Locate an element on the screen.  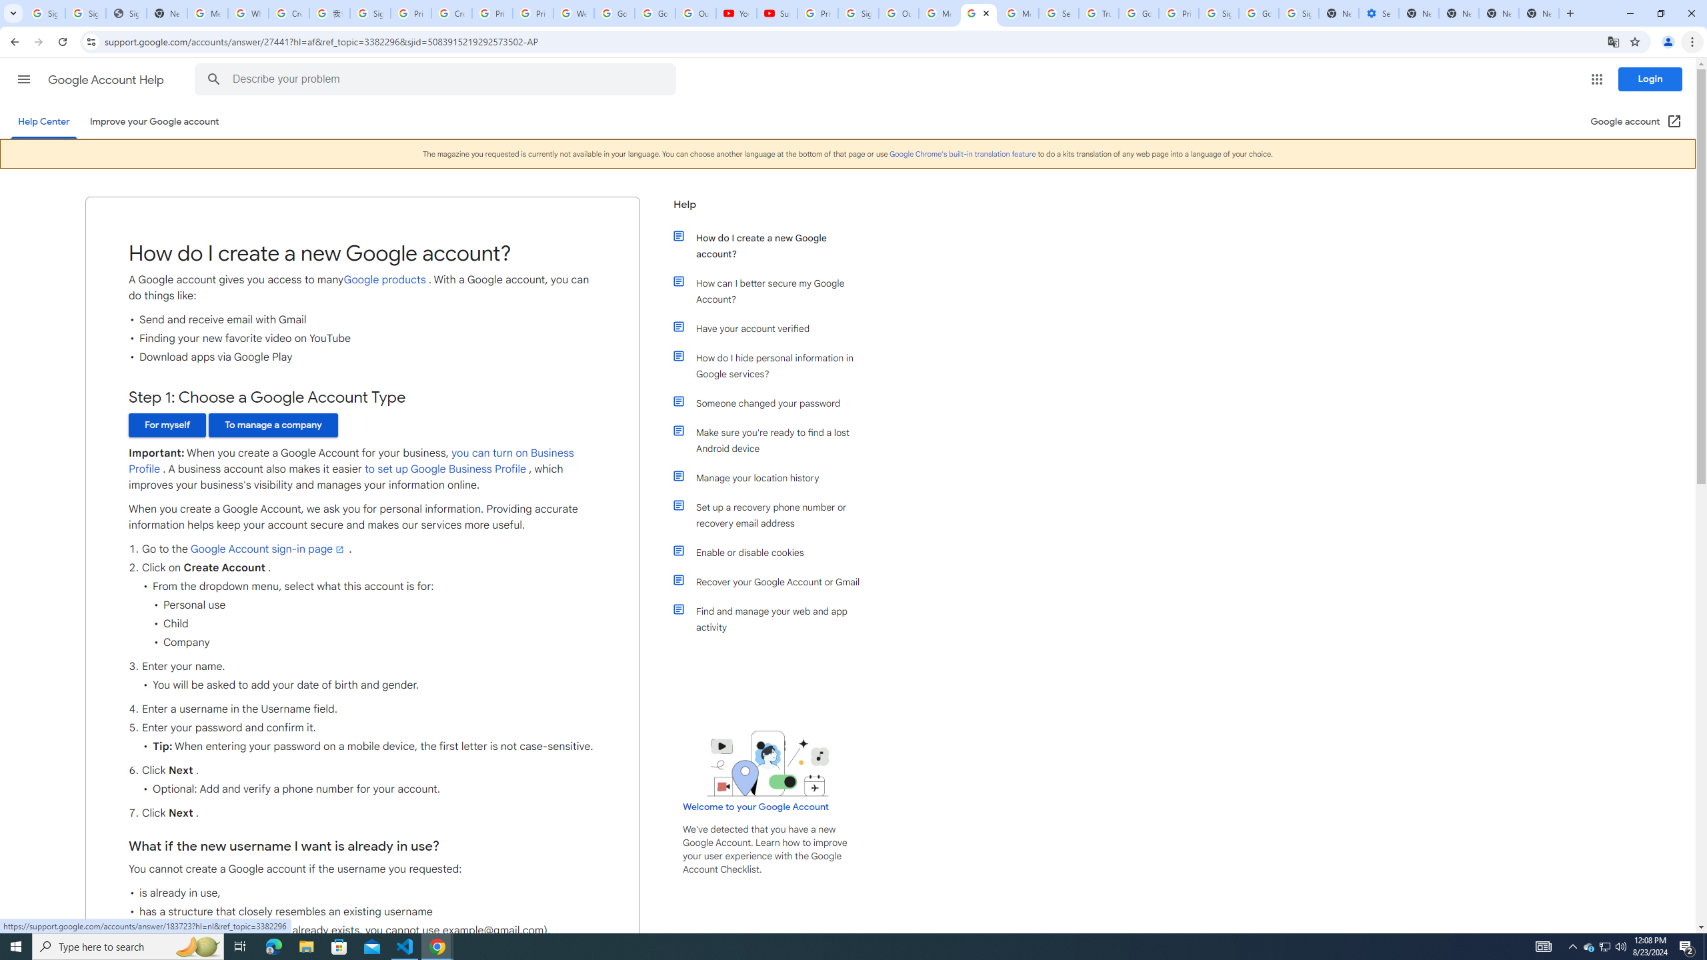
'Main menu' is located at coordinates (23, 79).